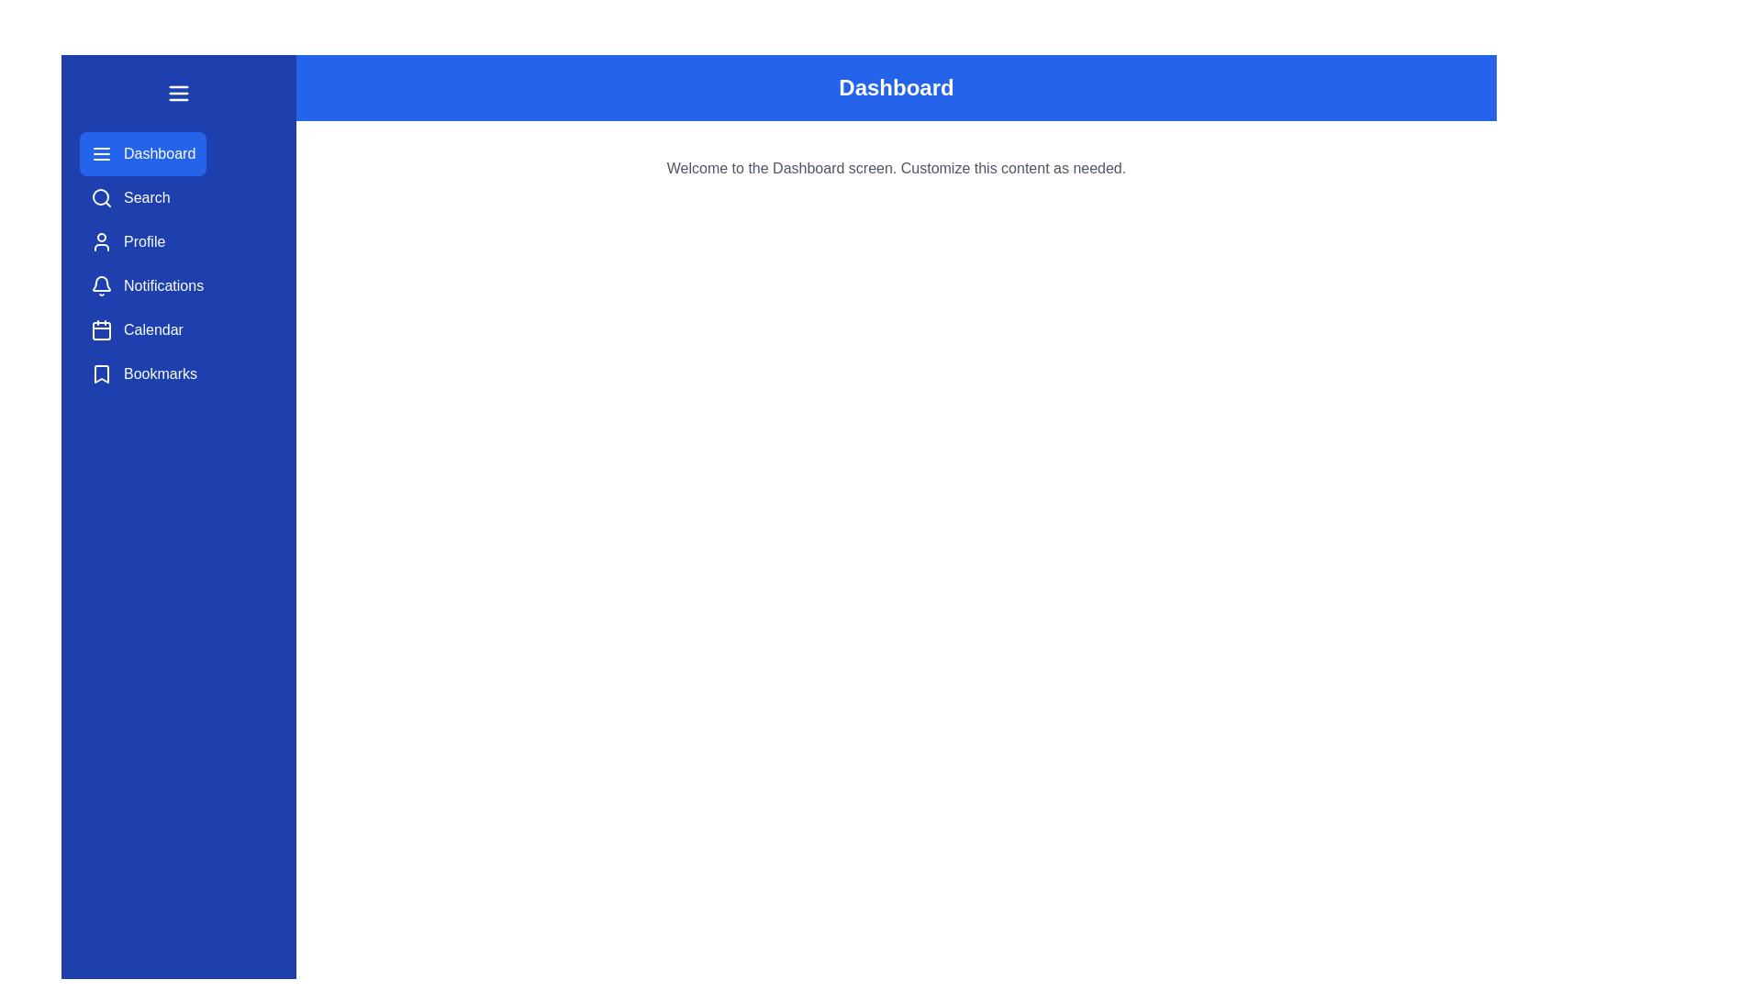  Describe the element at coordinates (897, 88) in the screenshot. I see `text content of the Dashboard header element, which is the title at the top of the interface` at that location.